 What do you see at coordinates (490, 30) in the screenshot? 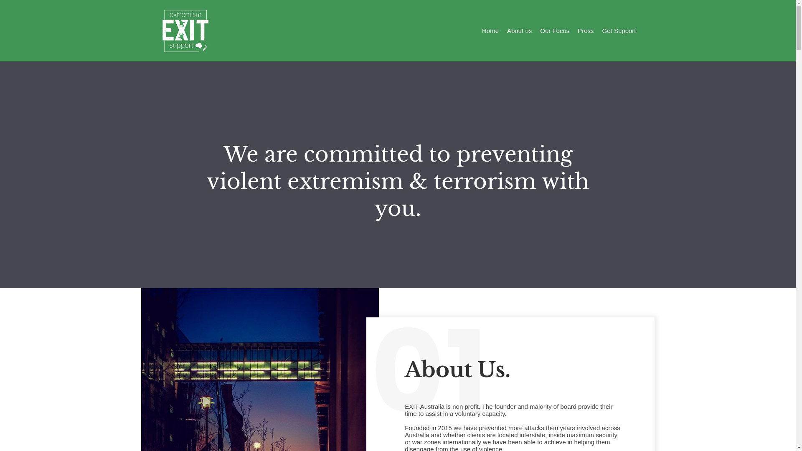
I see `'Home'` at bounding box center [490, 30].